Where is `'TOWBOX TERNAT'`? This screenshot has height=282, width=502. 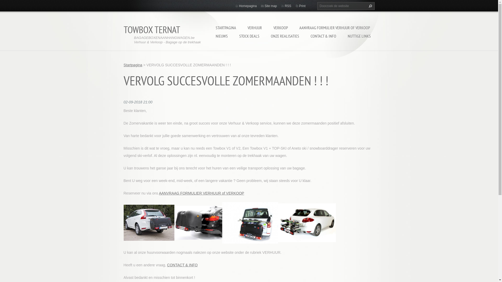
'TOWBOX TERNAT' is located at coordinates (151, 30).